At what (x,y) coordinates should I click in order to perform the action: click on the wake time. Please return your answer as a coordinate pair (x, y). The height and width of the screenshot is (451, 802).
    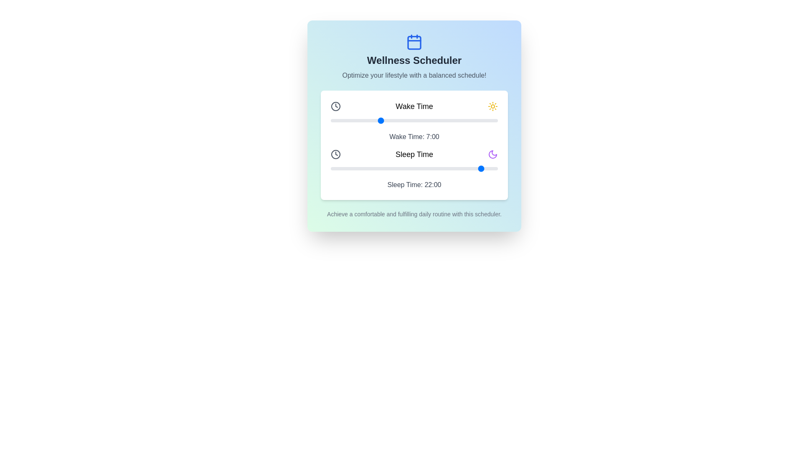
    Looking at the image, I should click on (365, 121).